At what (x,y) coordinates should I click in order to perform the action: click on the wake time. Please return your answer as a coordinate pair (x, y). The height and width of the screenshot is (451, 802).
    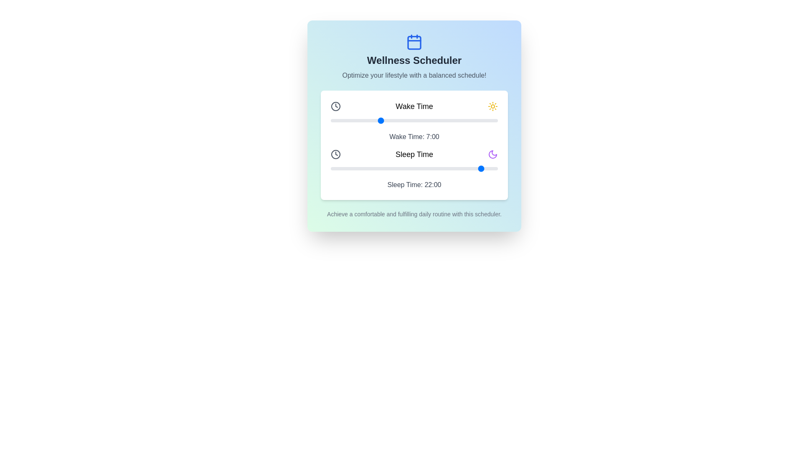
    Looking at the image, I should click on (365, 121).